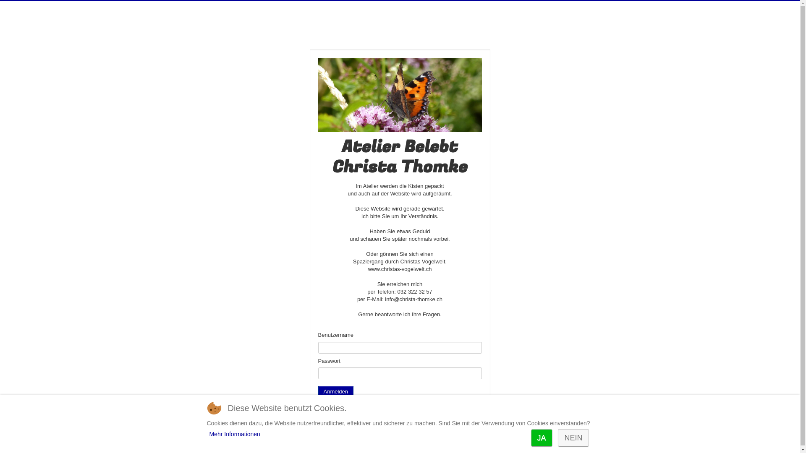 The height and width of the screenshot is (453, 806). I want to click on 'Anmelden', so click(318, 391).